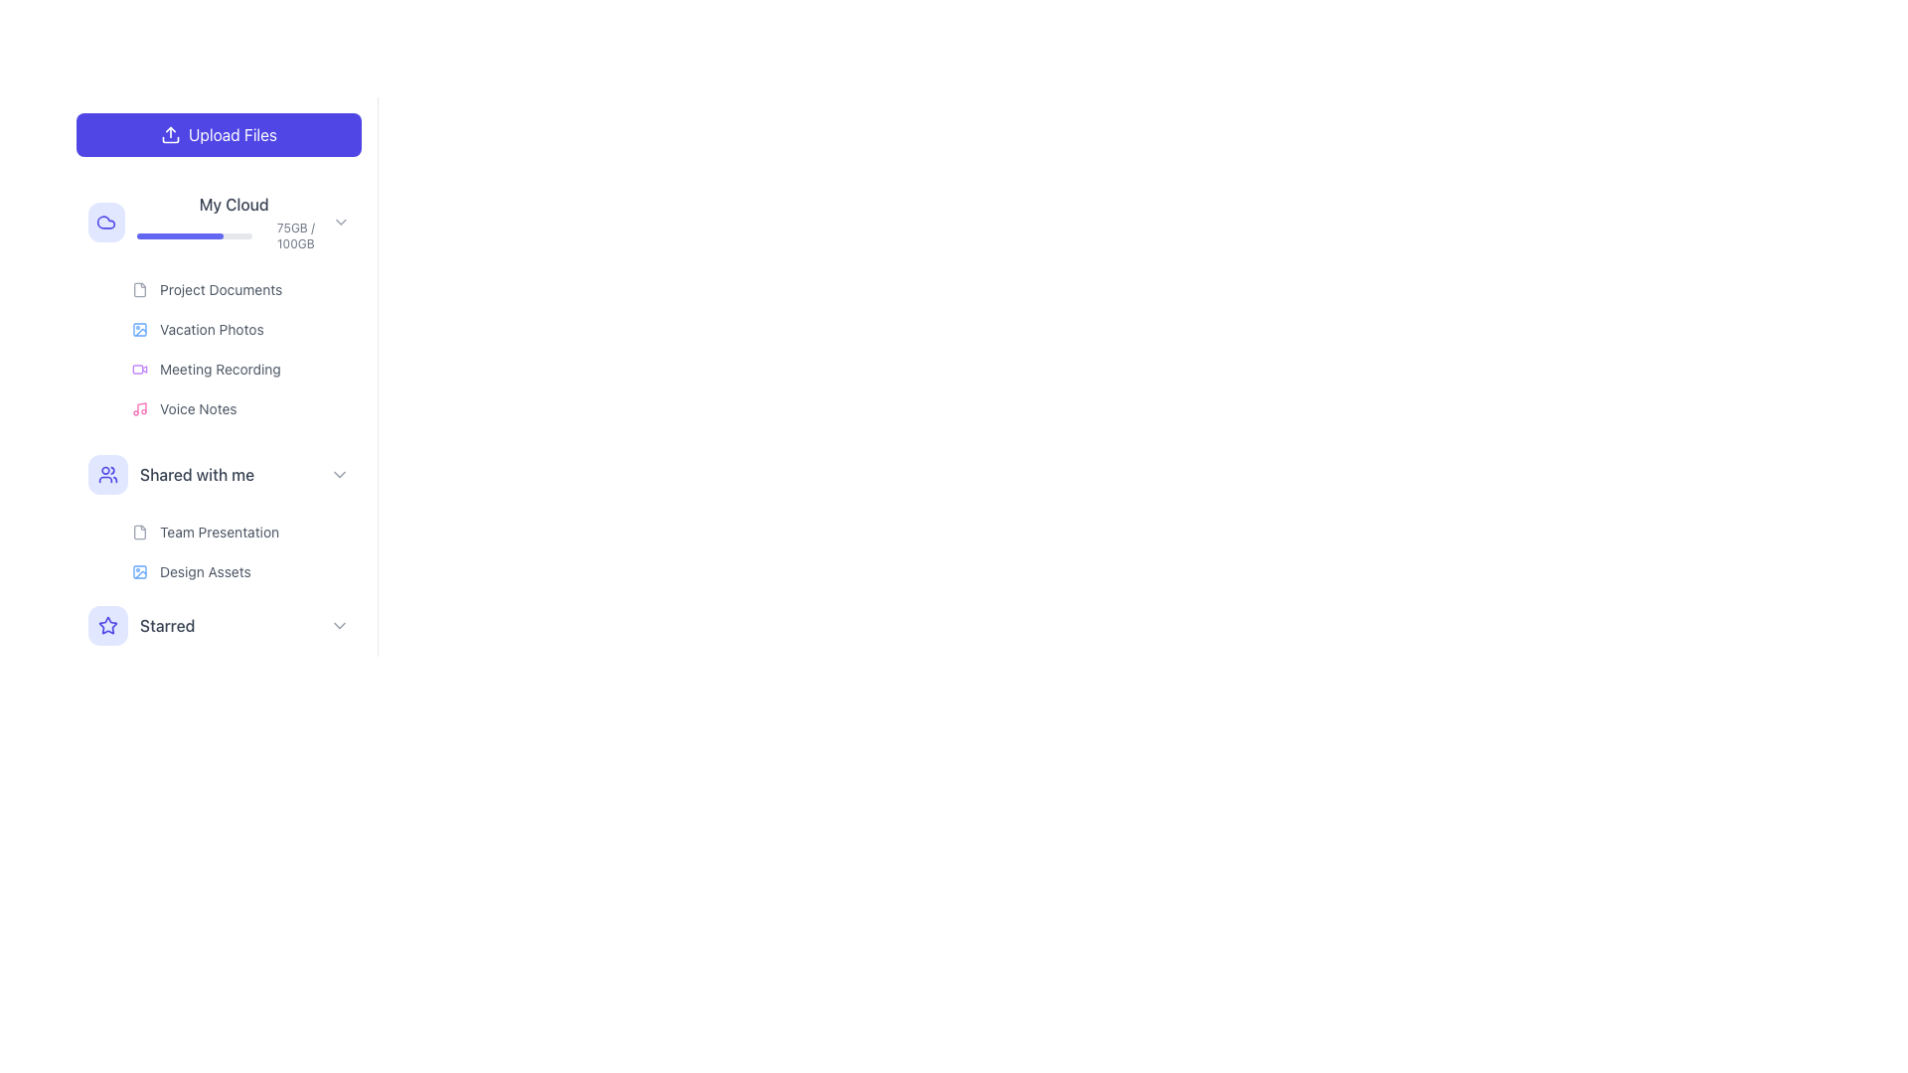  Describe the element at coordinates (138, 571) in the screenshot. I see `the visual representation of the 'Design Assets' icon located in the 'Shared with me' section, positioned to the left of the text label 'Design Assets'` at that location.